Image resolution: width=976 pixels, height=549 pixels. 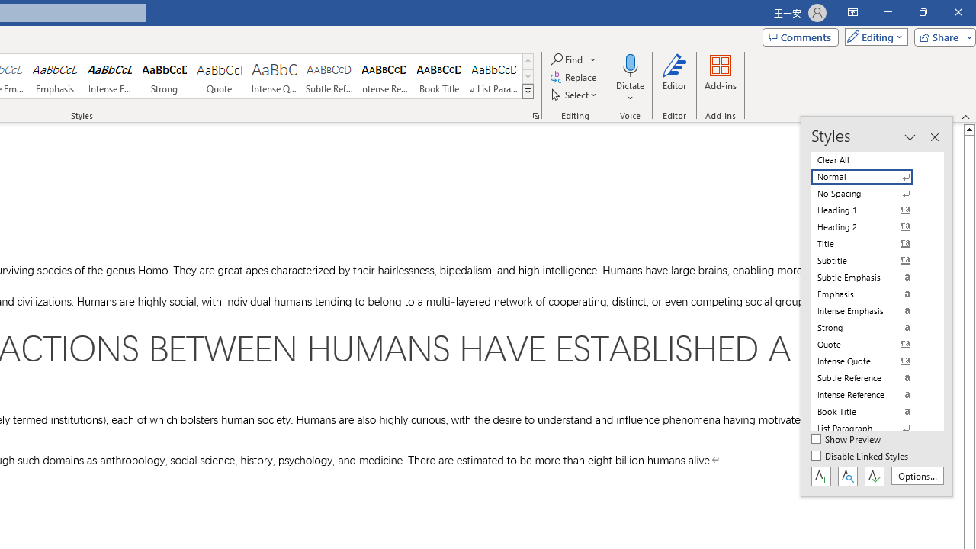 I want to click on 'Class: NetUIButton', so click(x=874, y=475).